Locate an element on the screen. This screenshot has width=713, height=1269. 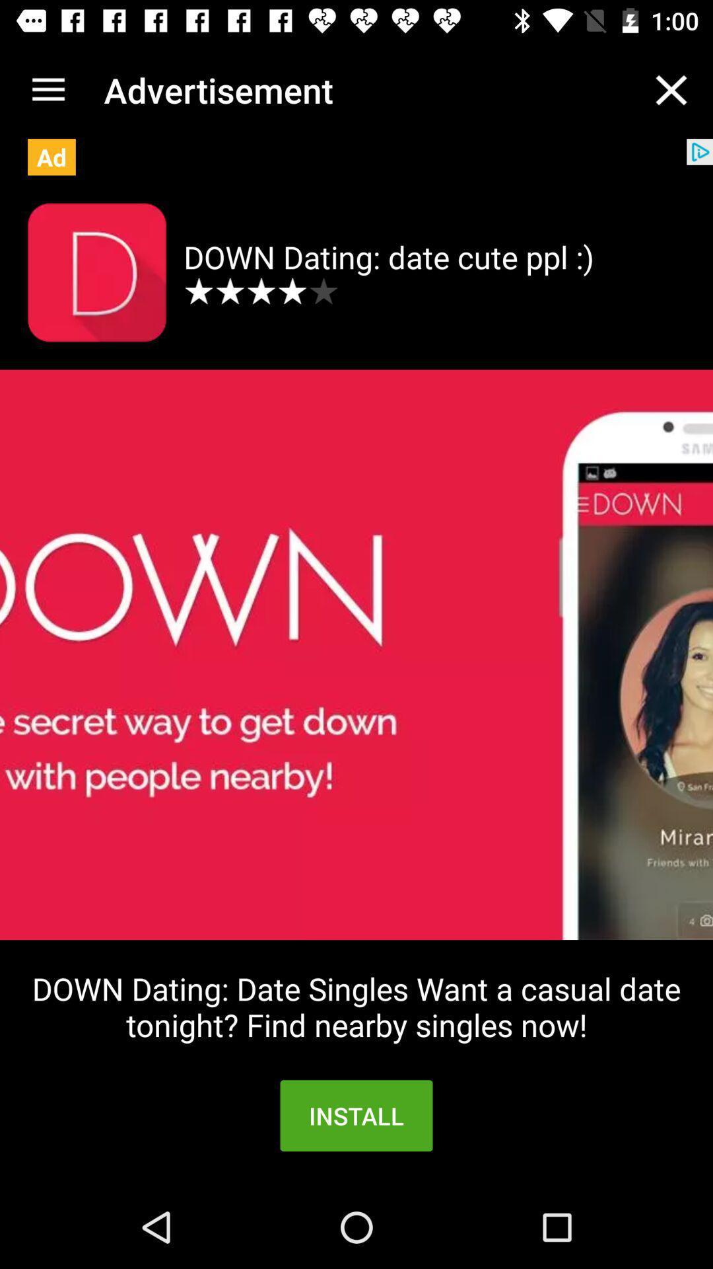
the icon above ad is located at coordinates (48, 89).